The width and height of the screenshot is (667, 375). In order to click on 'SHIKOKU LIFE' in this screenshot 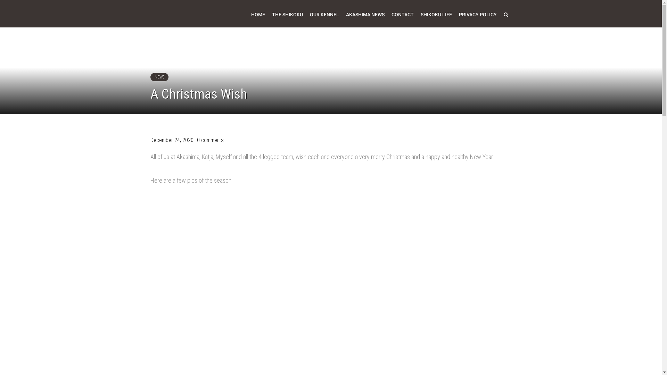, I will do `click(435, 15)`.